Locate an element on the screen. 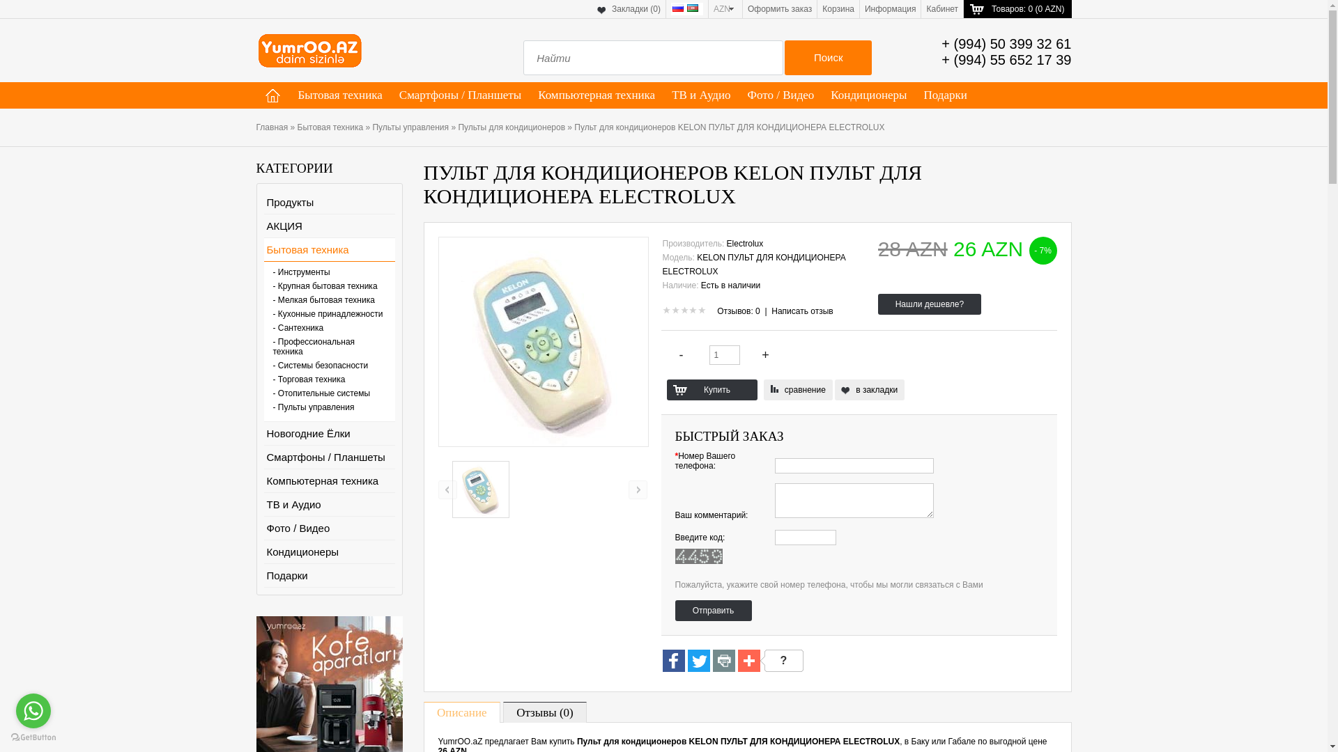  'Print' is located at coordinates (723, 661).